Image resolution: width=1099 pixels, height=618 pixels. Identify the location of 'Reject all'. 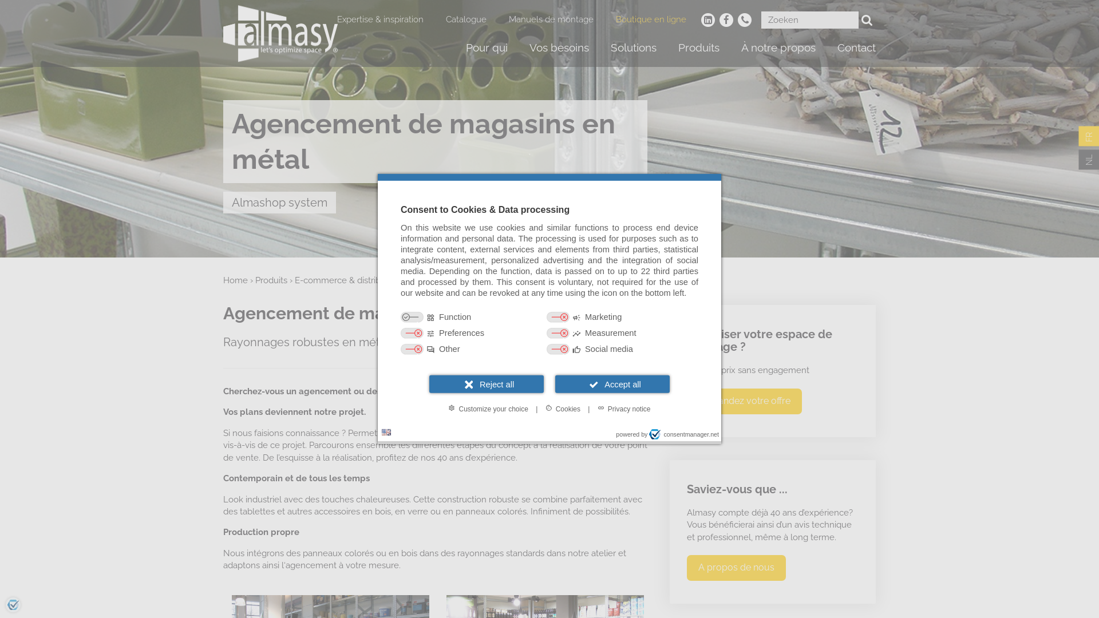
(486, 384).